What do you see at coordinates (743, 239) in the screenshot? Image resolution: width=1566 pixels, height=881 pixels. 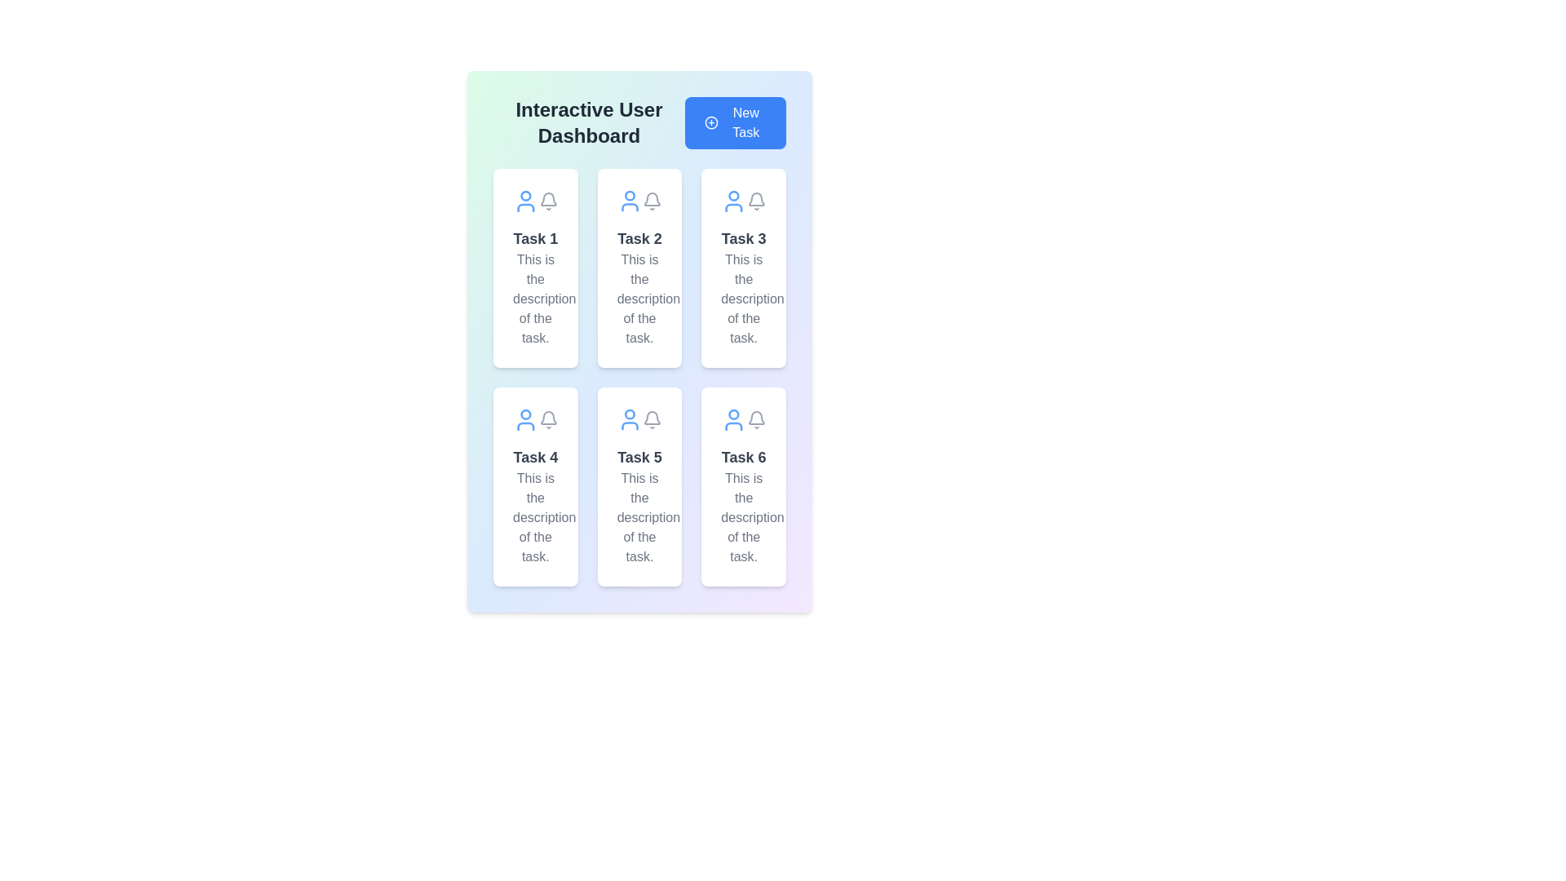 I see `the 'Task 3' text label which is displayed in bold, larger font, colored in dark gray` at bounding box center [743, 239].